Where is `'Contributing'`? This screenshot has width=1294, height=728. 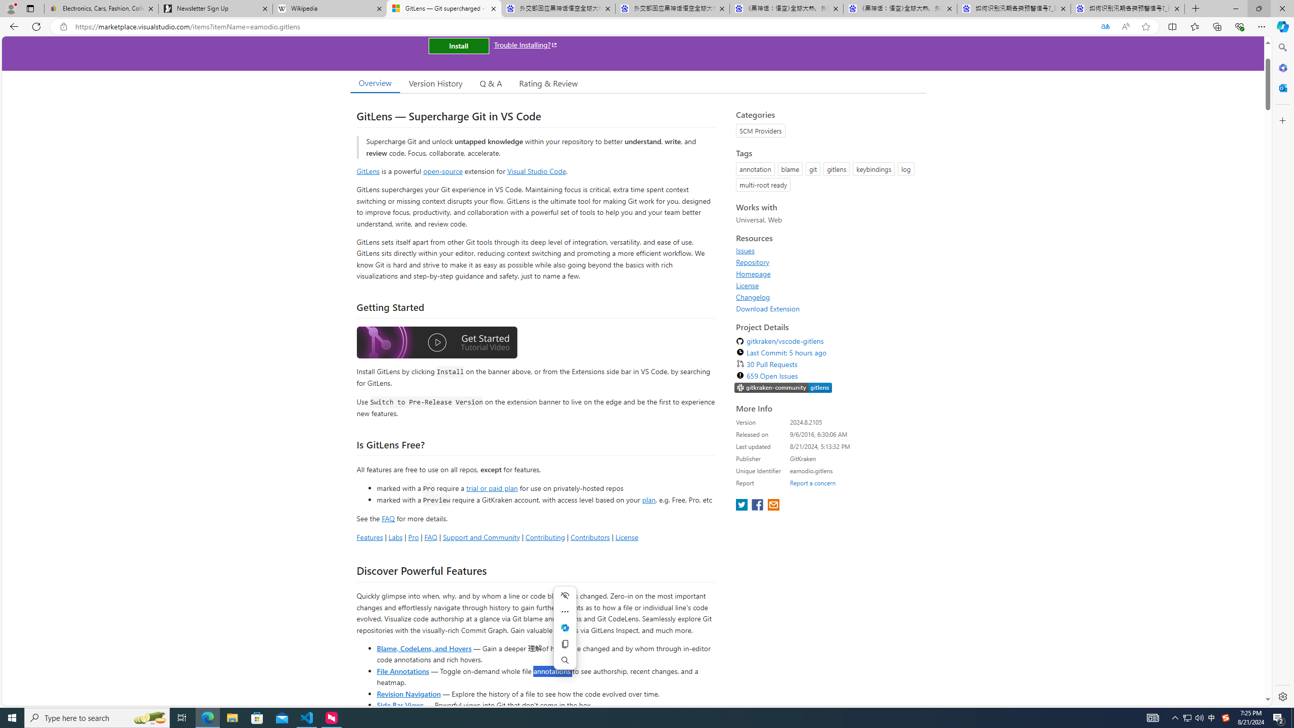 'Contributing' is located at coordinates (545, 536).